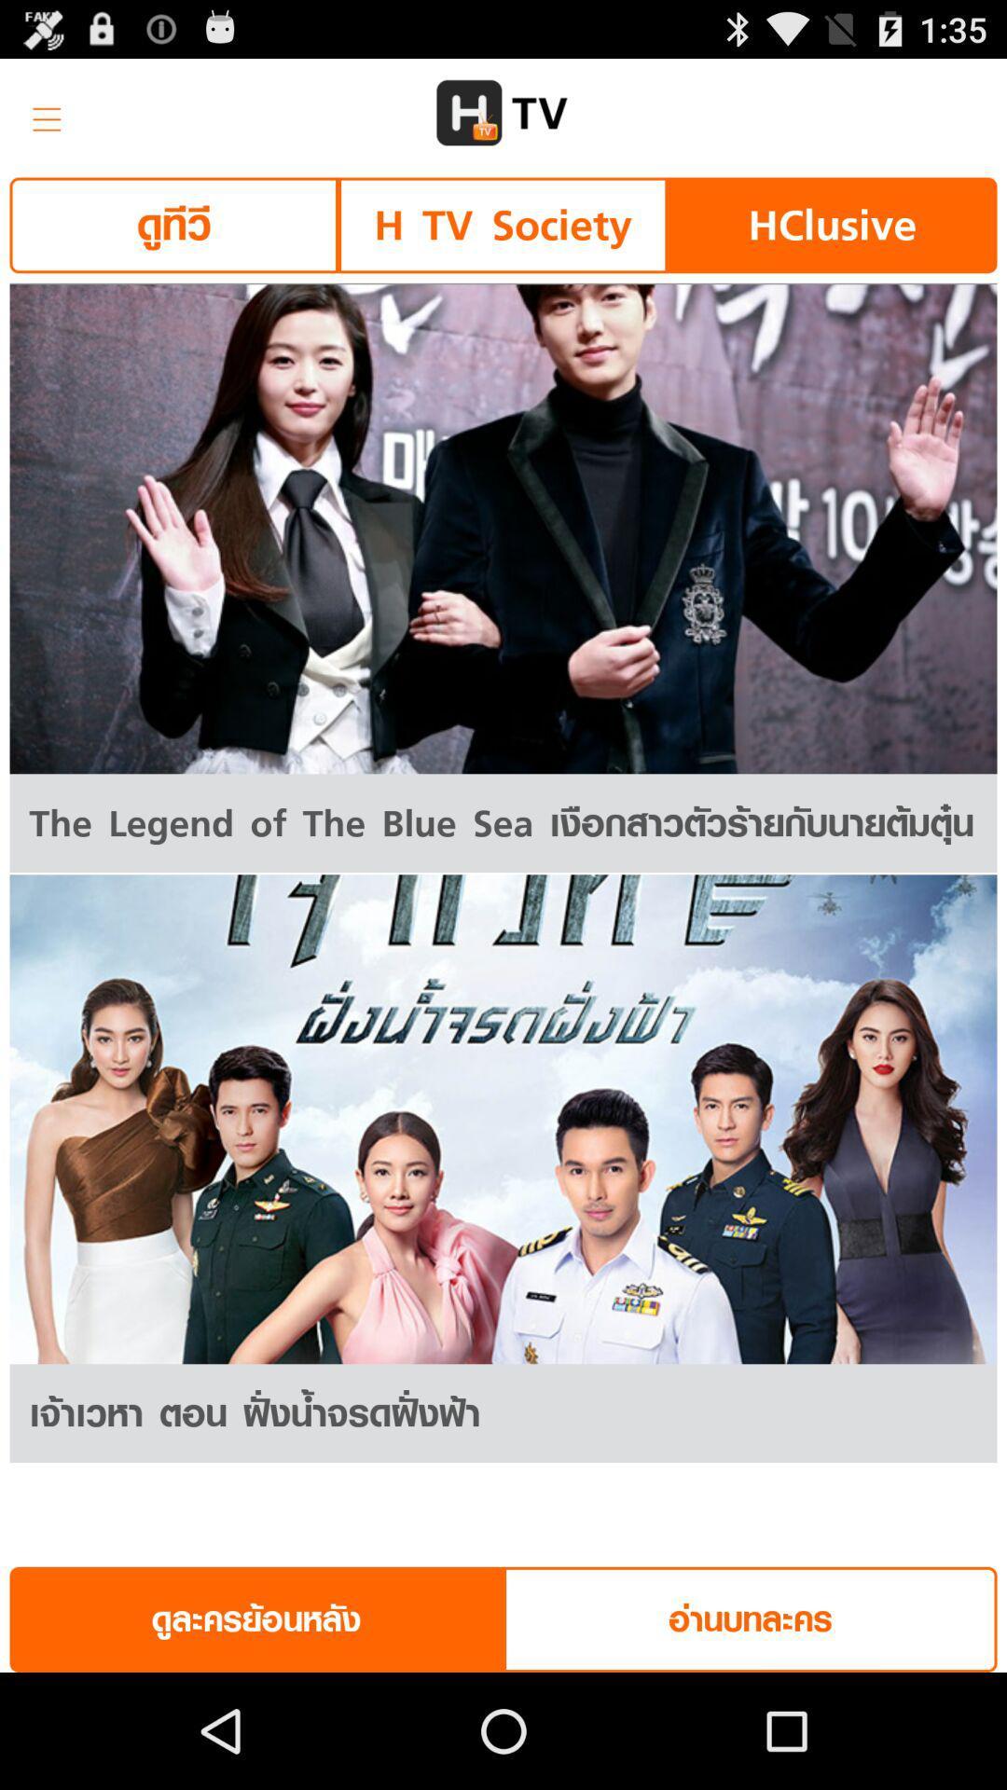 Image resolution: width=1007 pixels, height=1790 pixels. I want to click on the item next to hclusive button, so click(502, 224).